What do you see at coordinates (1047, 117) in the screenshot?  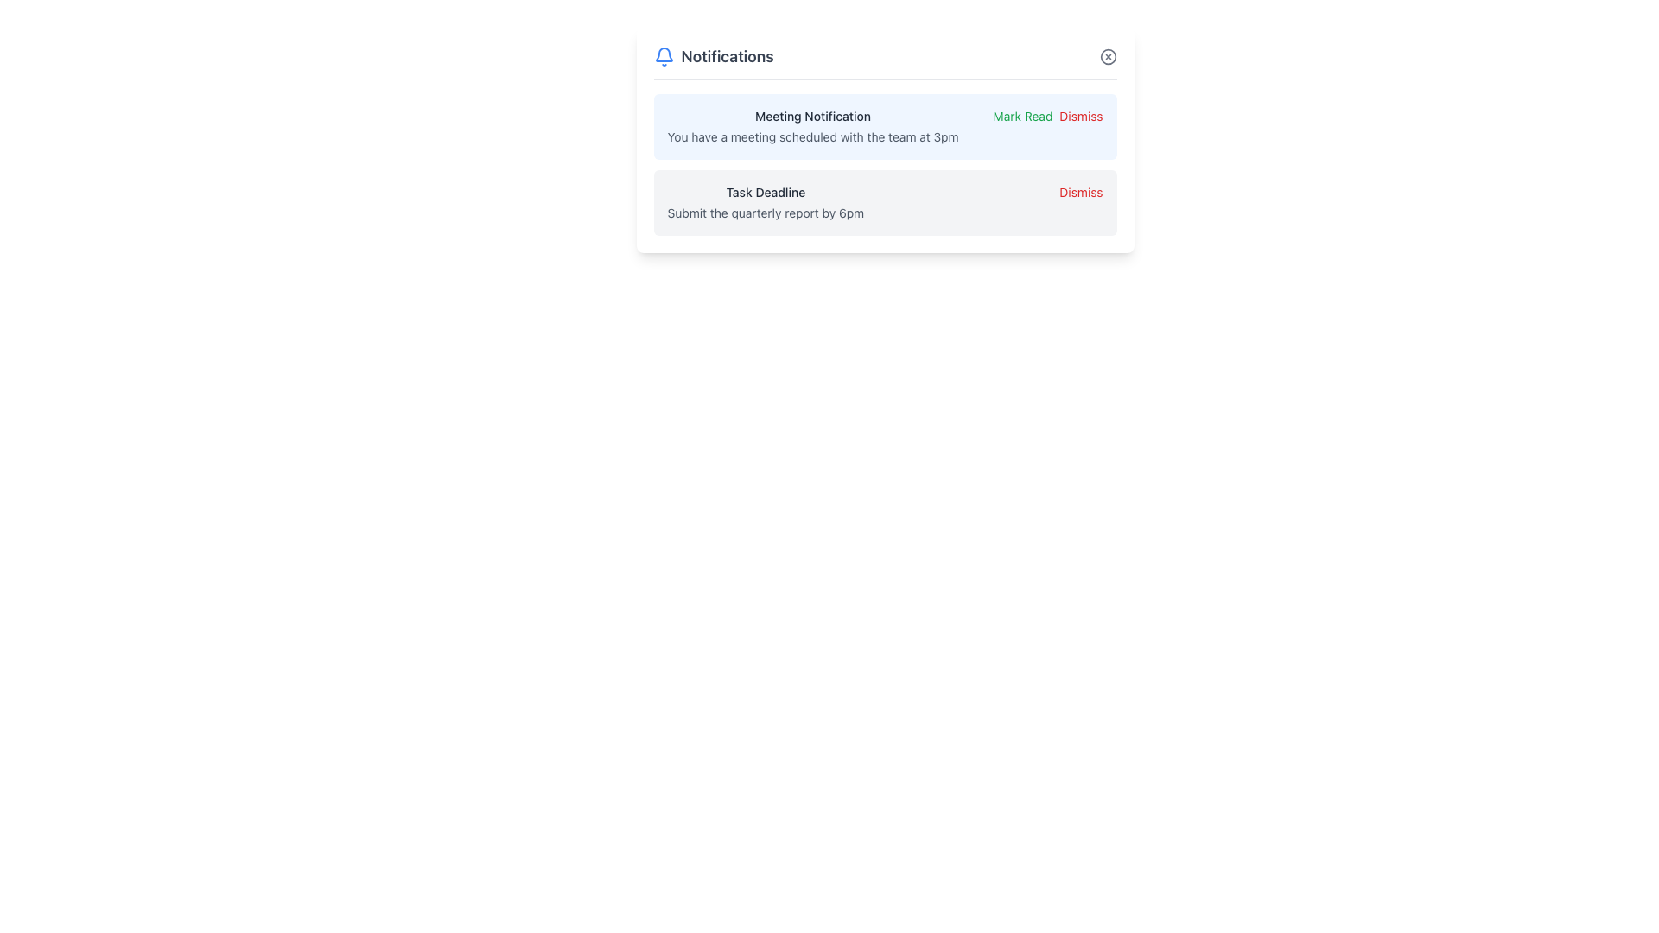 I see `the 'Mark Read' button in the Horizontal button group to mark the 'Meeting Notification' as read` at bounding box center [1047, 117].